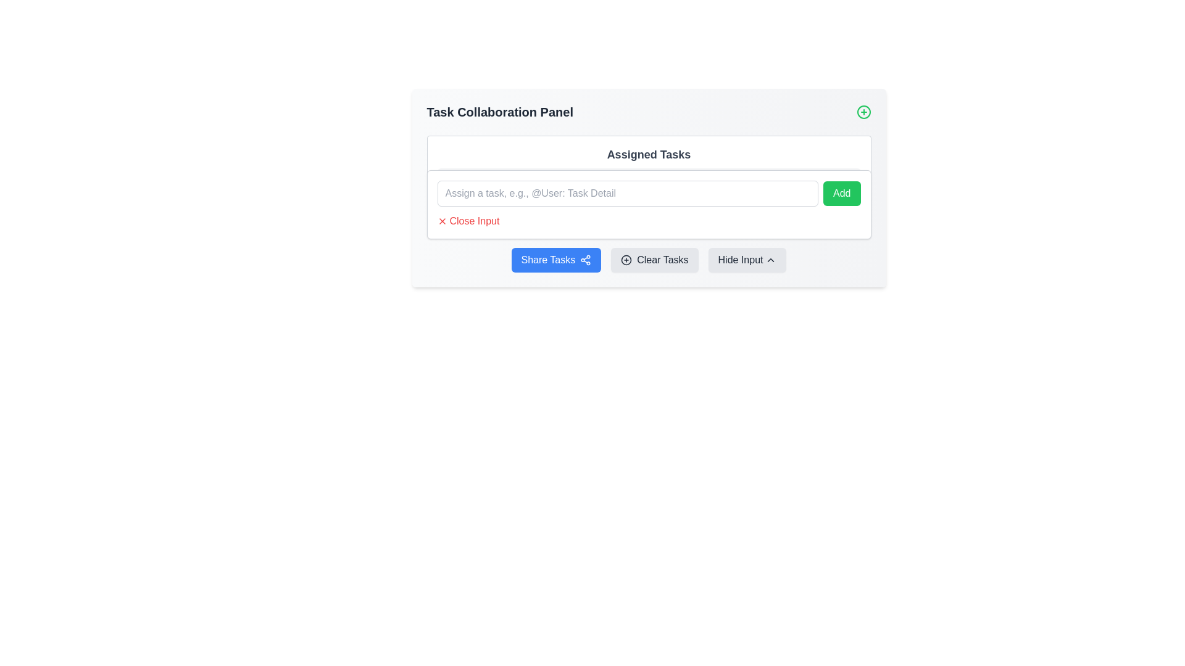 The image size is (1185, 666). Describe the element at coordinates (585, 259) in the screenshot. I see `the small share icon located within the blue 'Share Tasks' button, positioned to the right of the text 'Share Tasks'` at that location.